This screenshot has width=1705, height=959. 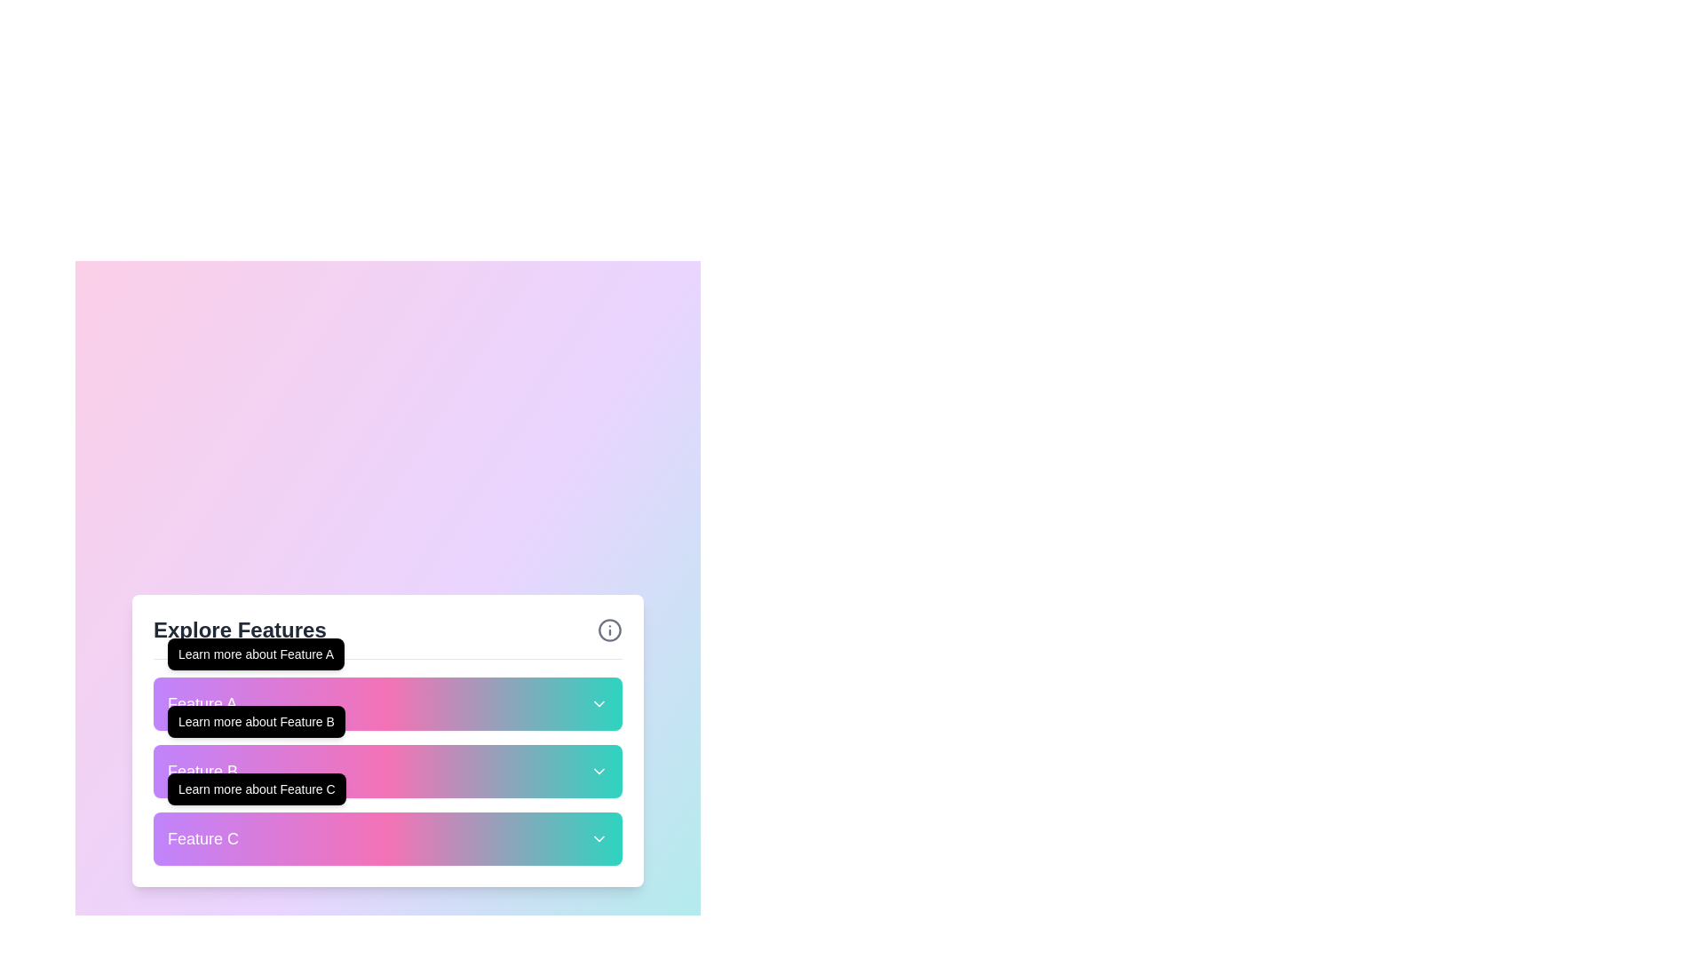 What do you see at coordinates (255, 721) in the screenshot?
I see `information provided in the tooltip with black background and white text saying 'Learn more about Feature B', located above the Feature B block` at bounding box center [255, 721].